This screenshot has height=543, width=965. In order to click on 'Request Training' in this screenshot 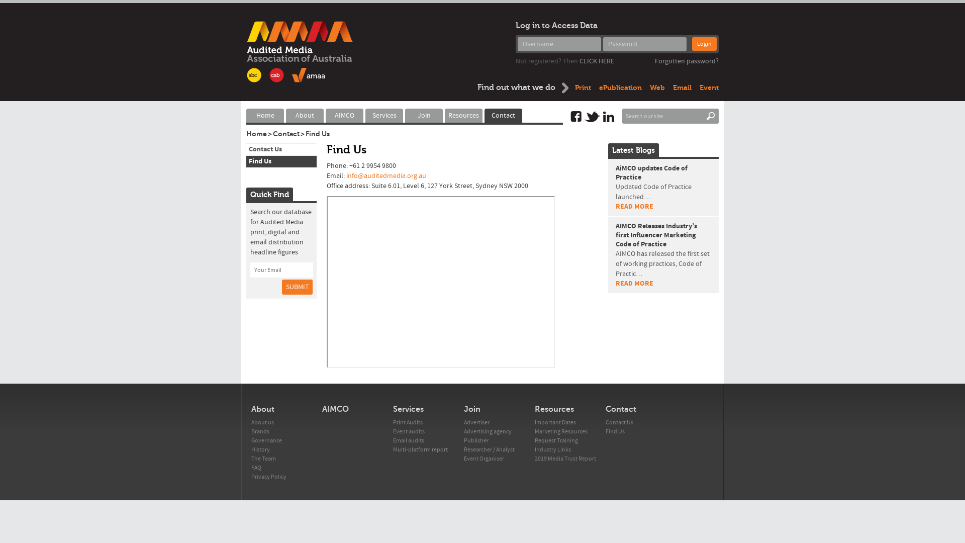, I will do `click(556, 440)`.